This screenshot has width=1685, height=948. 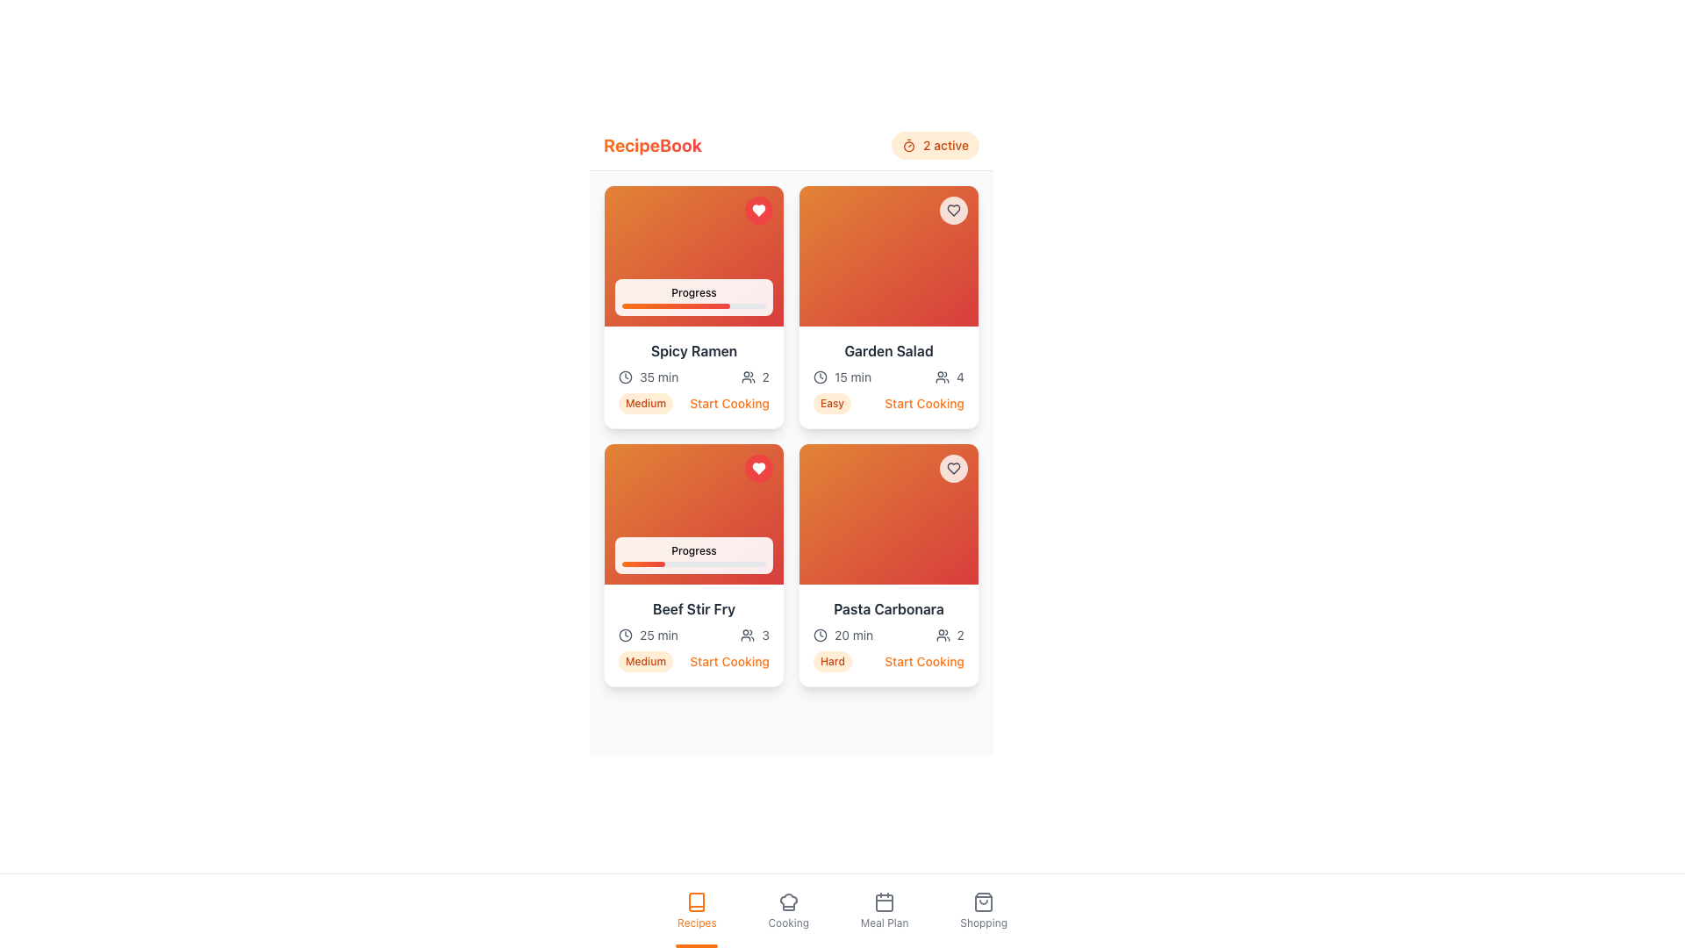 I want to click on the first icon button in the bottom navigation bar that leads to the 'Recipes' section, so click(x=696, y=902).